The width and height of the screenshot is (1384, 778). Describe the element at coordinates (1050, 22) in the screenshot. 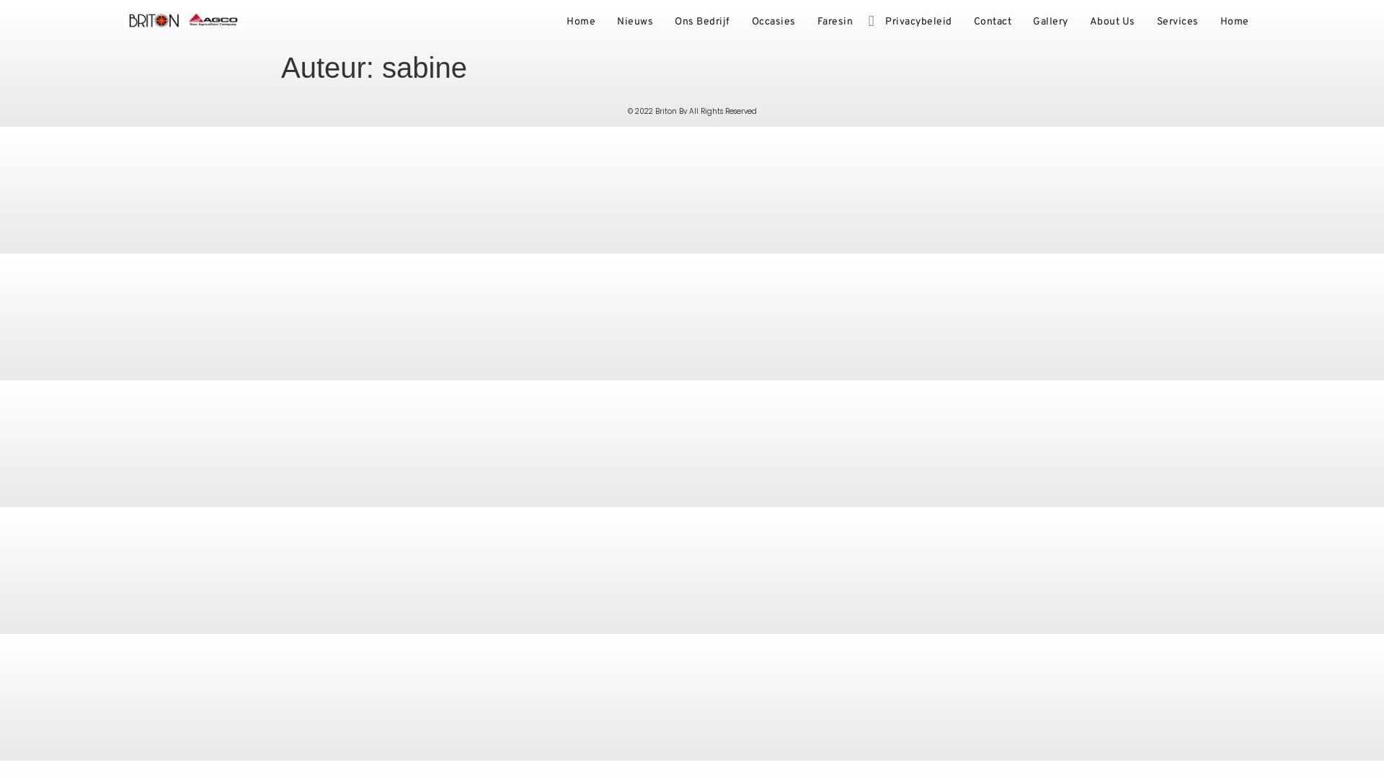

I see `'Gallery'` at that location.